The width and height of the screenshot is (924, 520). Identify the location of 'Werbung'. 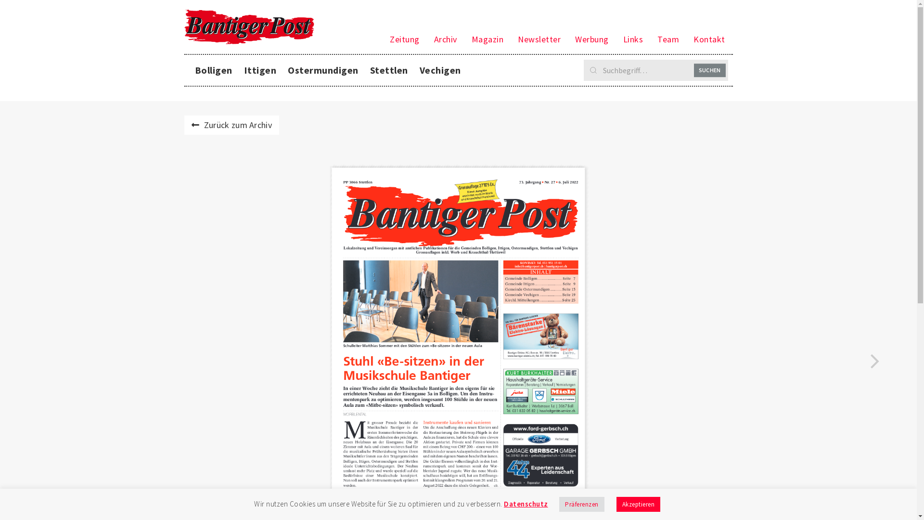
(591, 39).